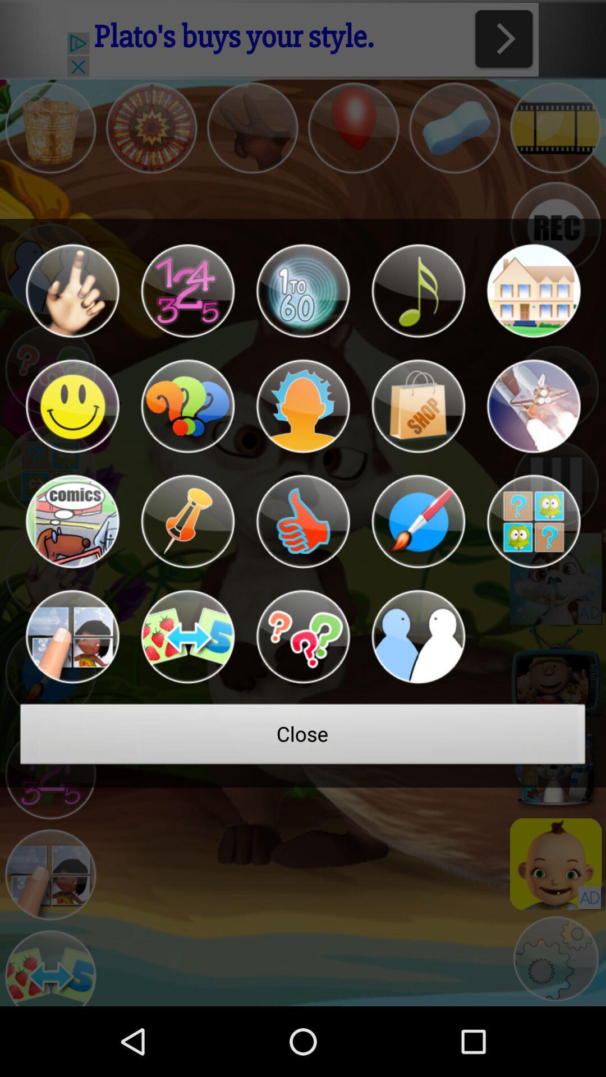  Describe the element at coordinates (72, 291) in the screenshot. I see `touch` at that location.